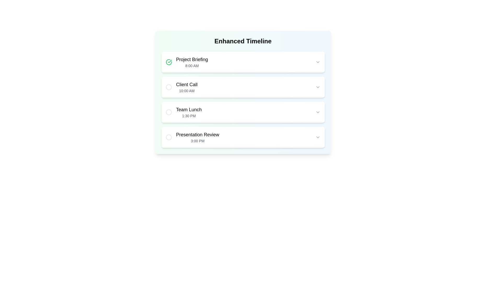 Image resolution: width=502 pixels, height=282 pixels. I want to click on the third timeline entry labeled 'Team Lunch', so click(184, 112).